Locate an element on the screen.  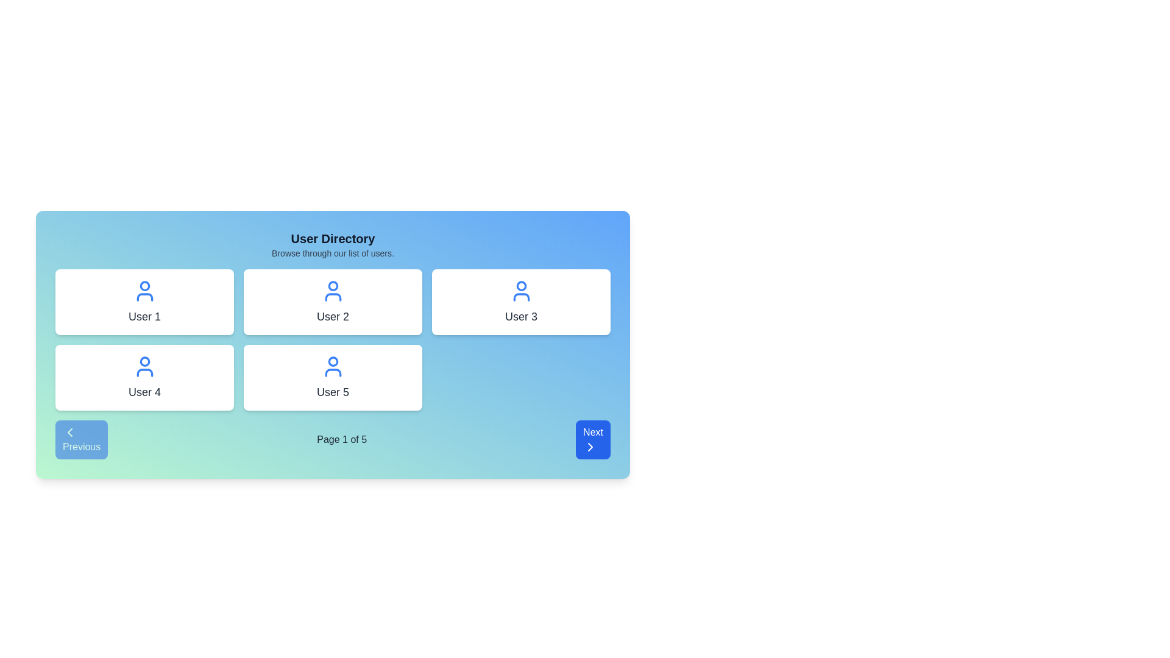
the Static text label displaying 'User 3', which is located below the user icon in the third user card of a grid layout is located at coordinates (521, 316).